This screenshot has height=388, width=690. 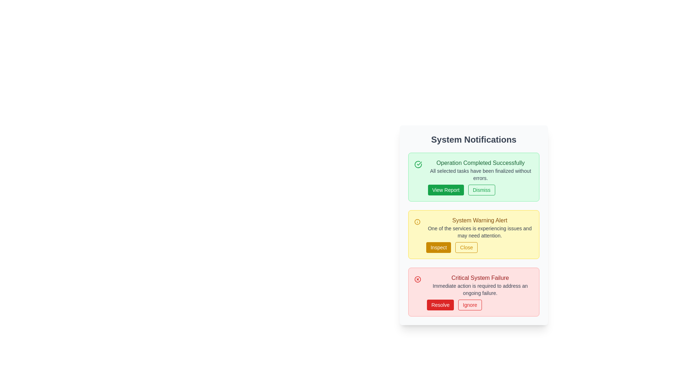 What do you see at coordinates (438, 247) in the screenshot?
I see `the first button to the left within the yellow notification box labeled 'System Warning Alert' to initiate the inspect action` at bounding box center [438, 247].